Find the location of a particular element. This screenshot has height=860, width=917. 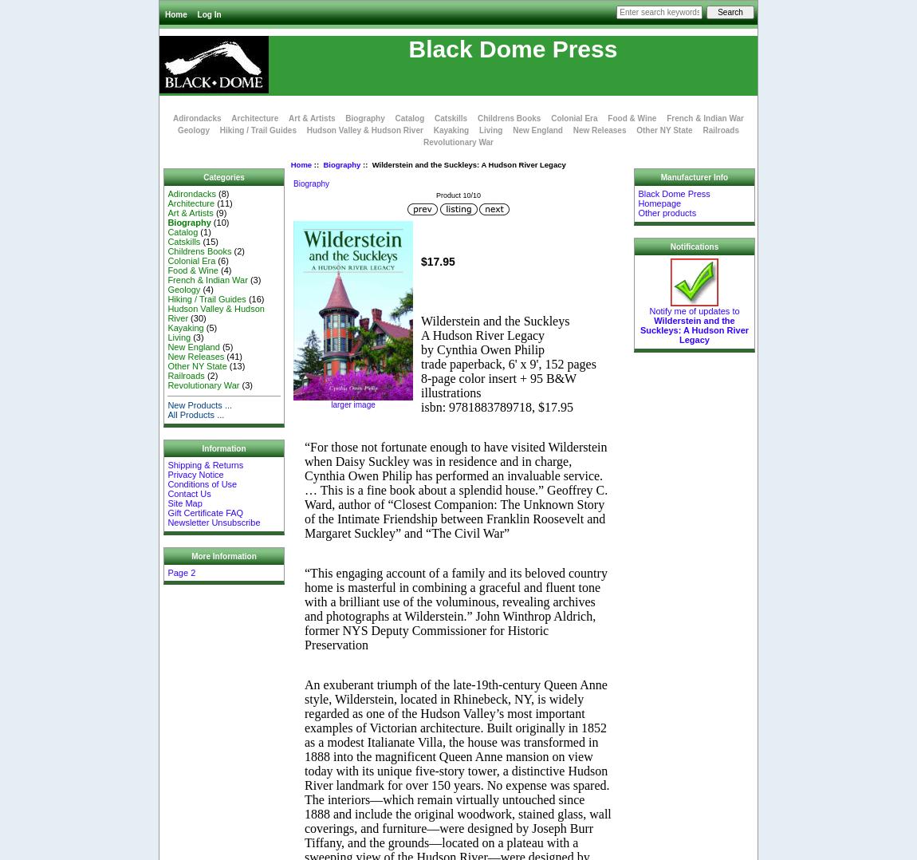

'isbn: 9781883789718, $17.95' is located at coordinates (496, 406).